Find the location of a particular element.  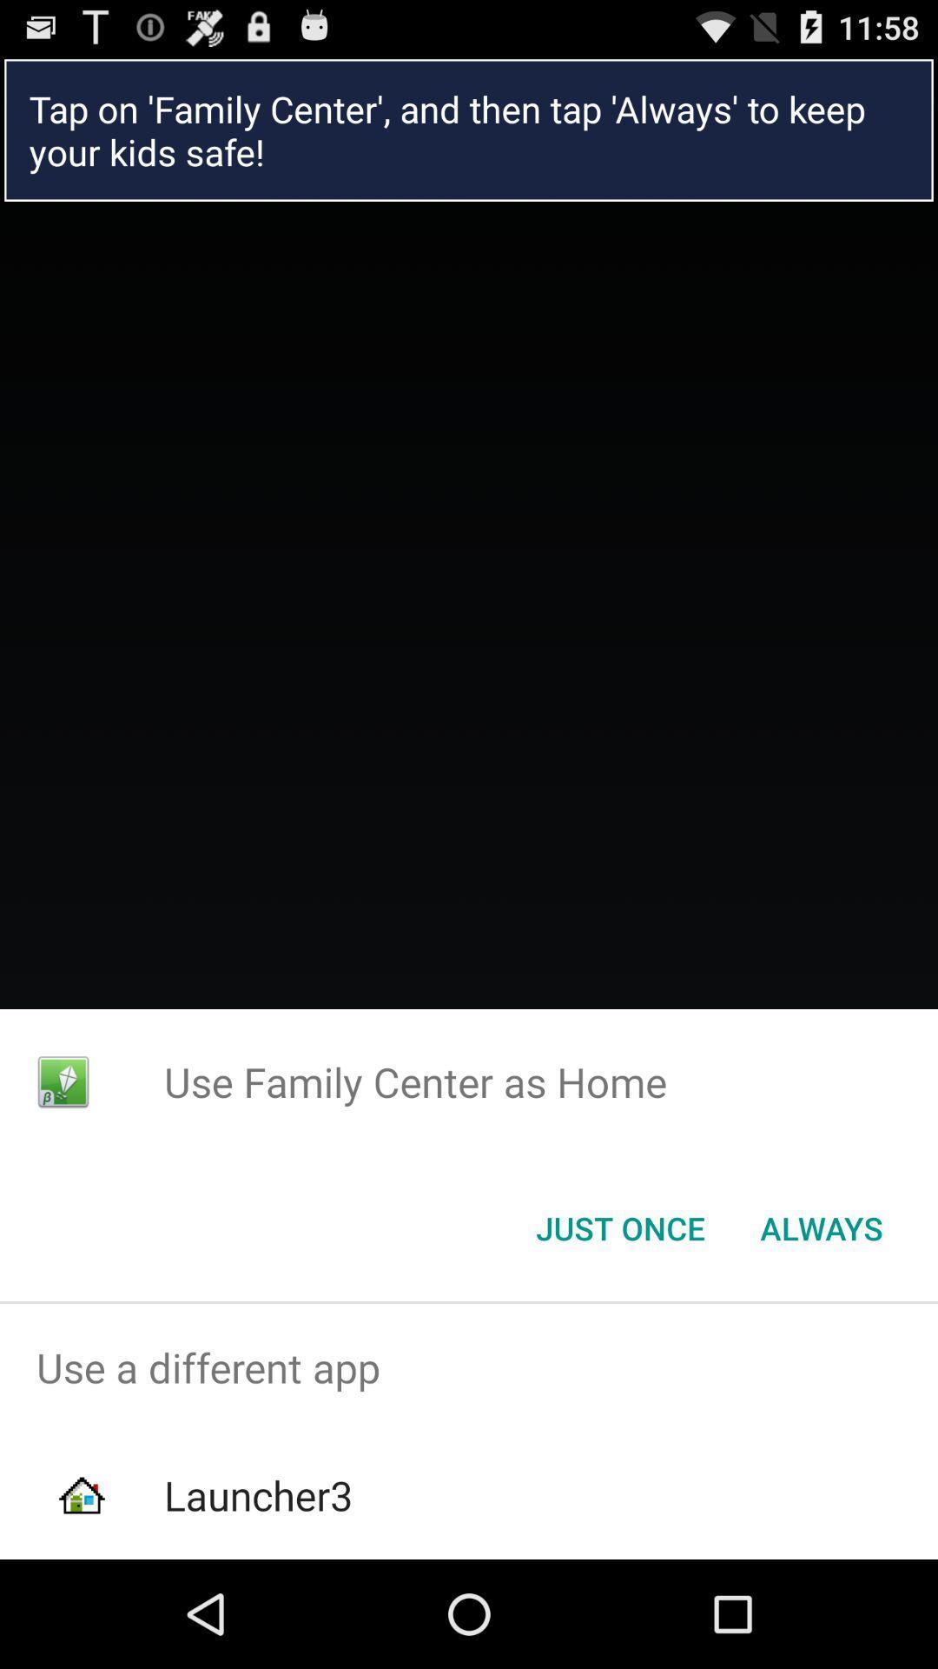

the icon next to always is located at coordinates (619, 1227).